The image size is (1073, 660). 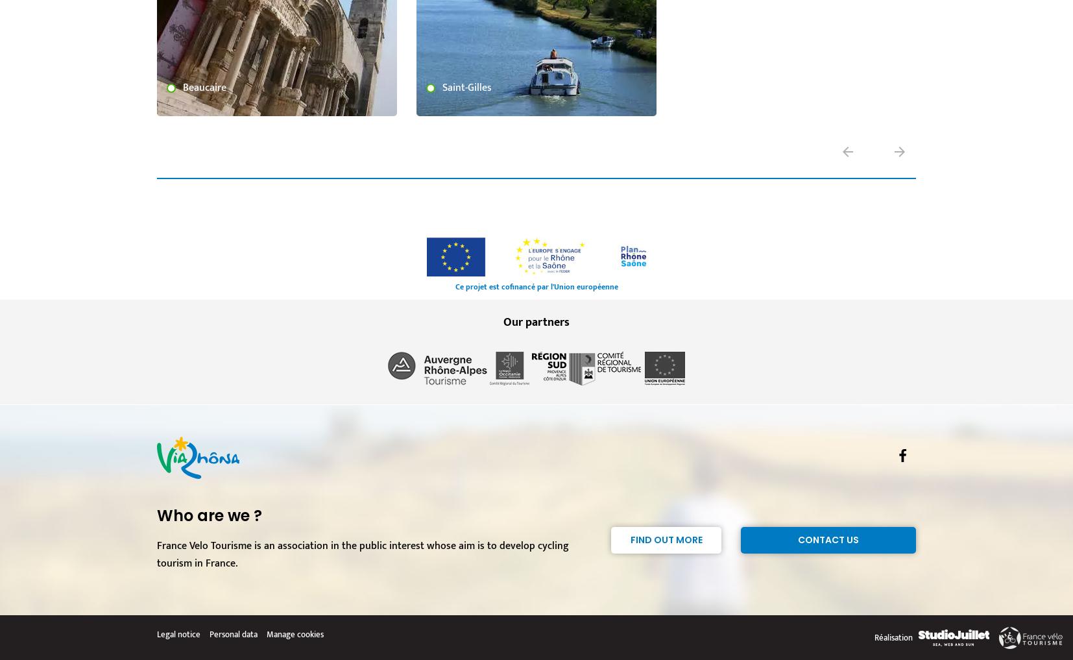 What do you see at coordinates (828, 539) in the screenshot?
I see `'Contact Us'` at bounding box center [828, 539].